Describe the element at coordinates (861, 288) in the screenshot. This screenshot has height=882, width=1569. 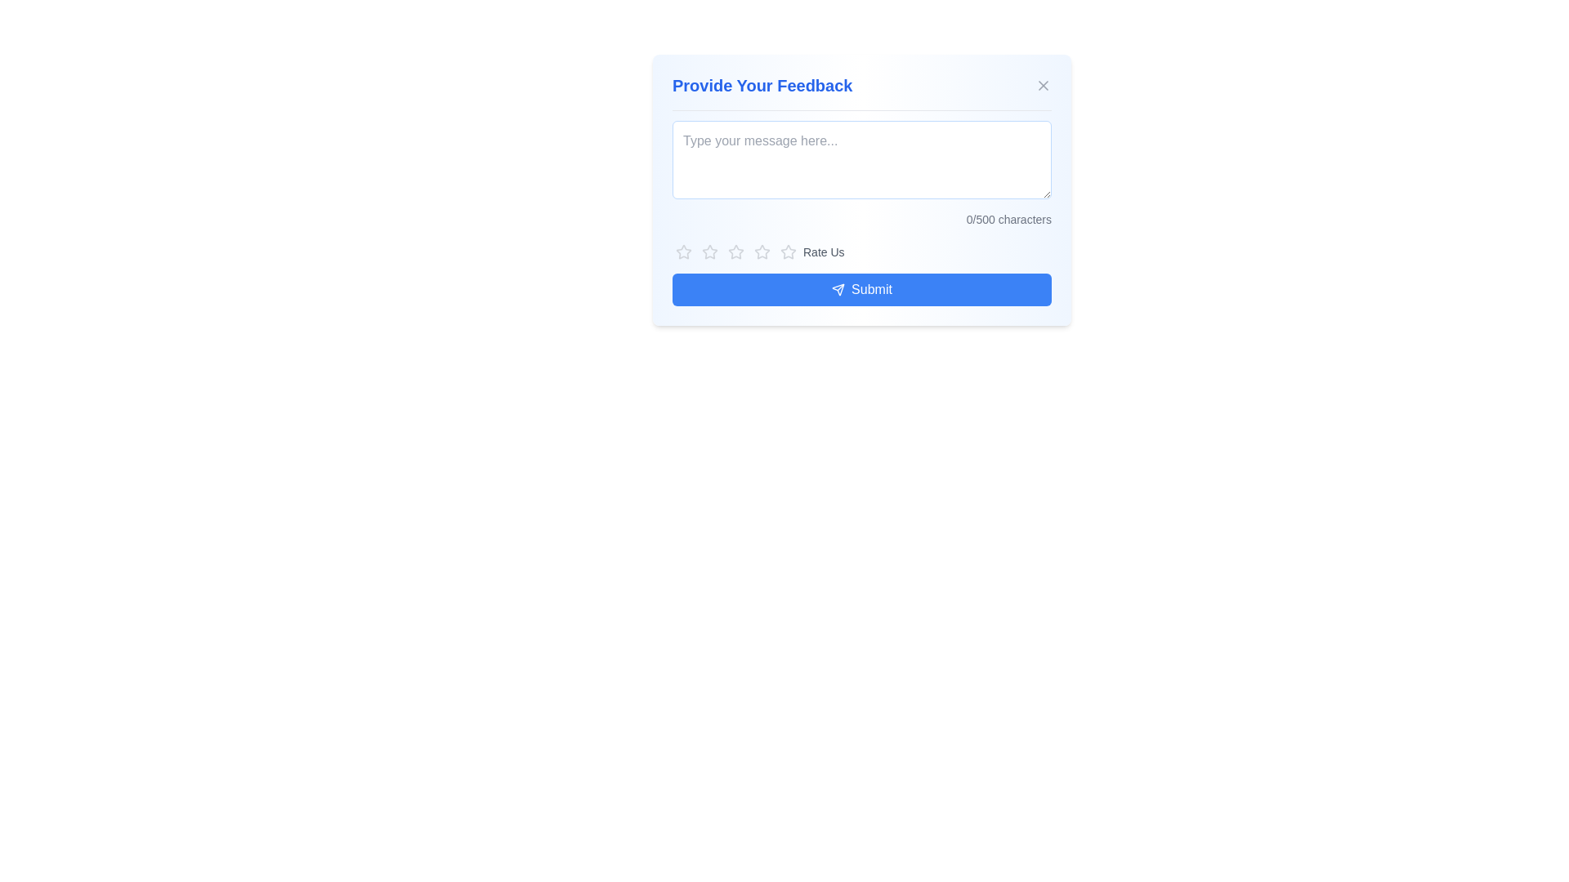
I see `the blue 'Submit' button with rounded corners, located below the 'Rate Us' stars` at that location.